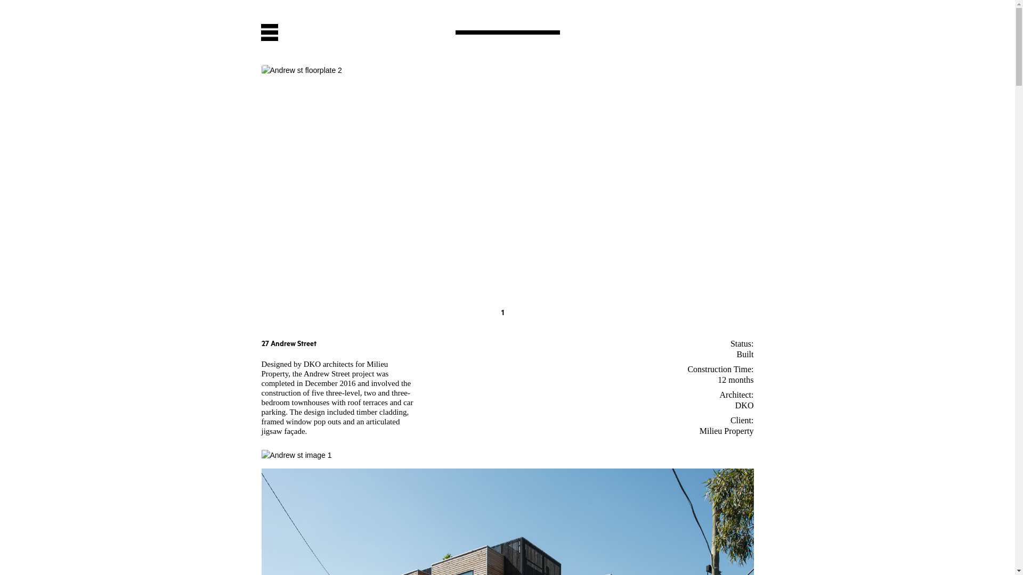 The width and height of the screenshot is (1023, 575). I want to click on '3', so click(522, 313).